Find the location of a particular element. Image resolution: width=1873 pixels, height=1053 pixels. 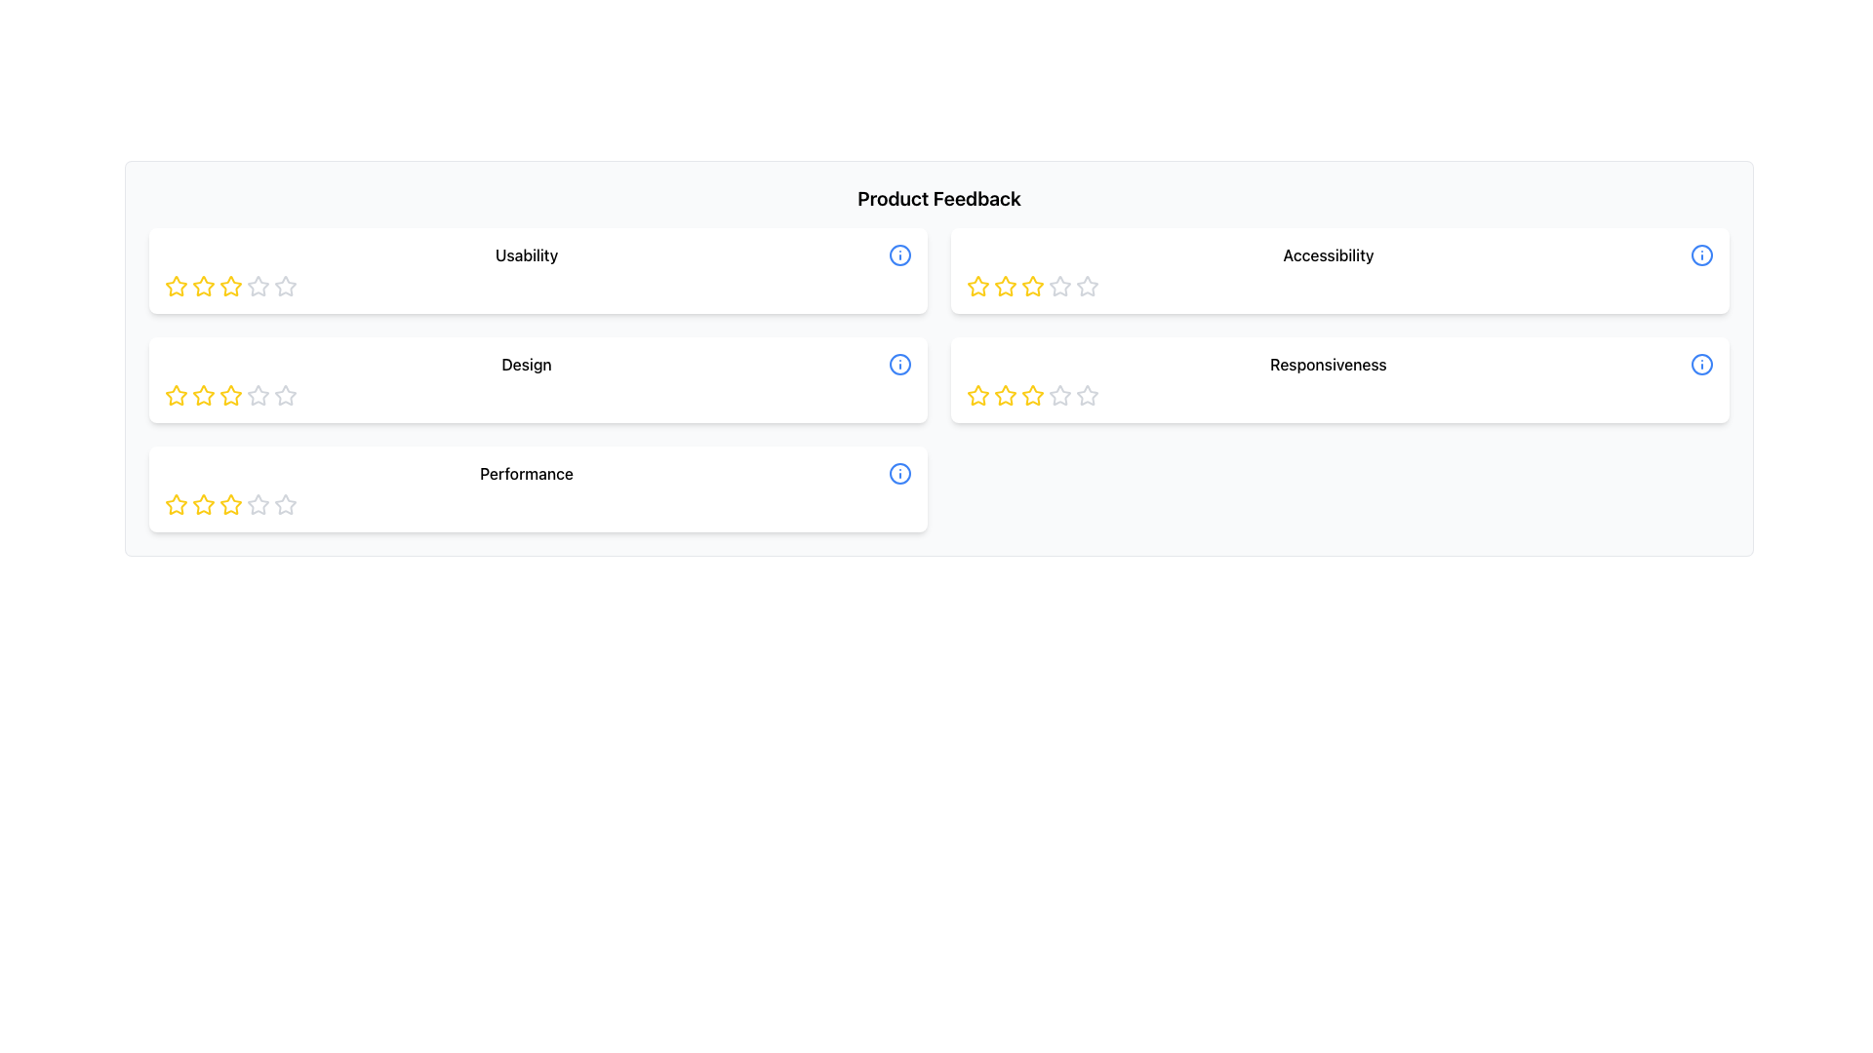

the second star icon in the rating system under the 'Responsiveness' header to assign a rating of 2 is located at coordinates (1030, 395).